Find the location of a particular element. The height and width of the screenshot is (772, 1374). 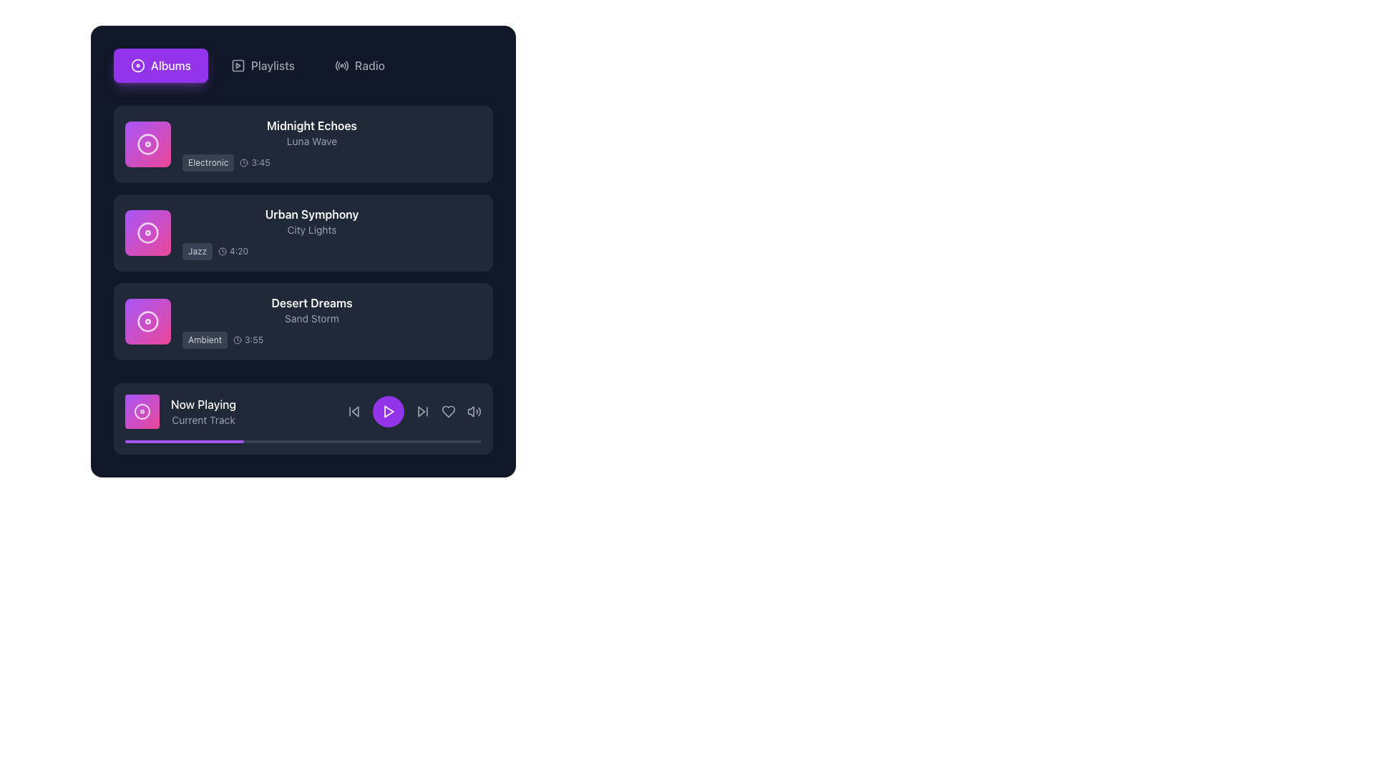

the circular icon element located to the left of the 'Albums' text in the upper navigation bar is located at coordinates (137, 66).